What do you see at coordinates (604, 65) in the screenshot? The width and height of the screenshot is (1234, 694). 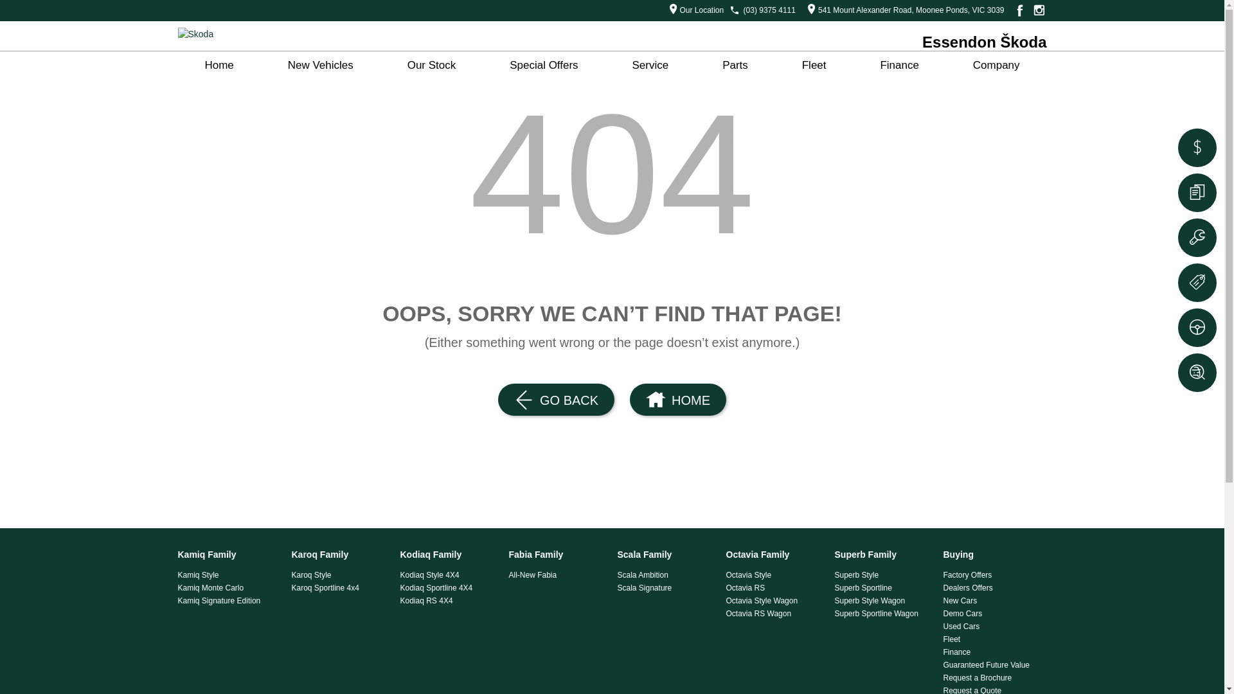 I see `'Service'` at bounding box center [604, 65].